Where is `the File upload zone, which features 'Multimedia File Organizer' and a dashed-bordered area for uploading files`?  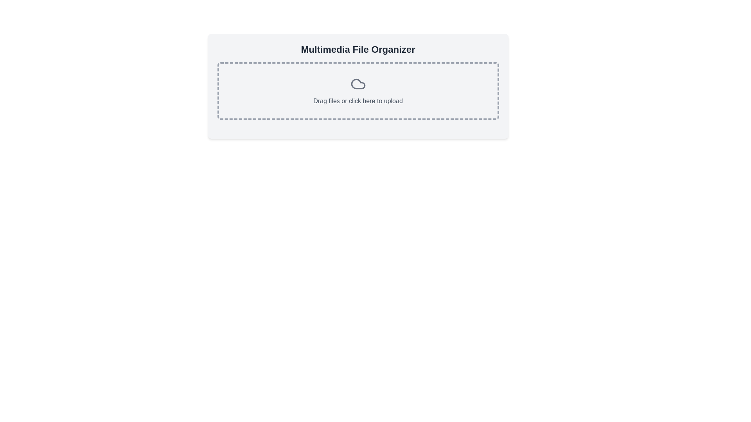 the File upload zone, which features 'Multimedia File Organizer' and a dashed-bordered area for uploading files is located at coordinates (358, 86).